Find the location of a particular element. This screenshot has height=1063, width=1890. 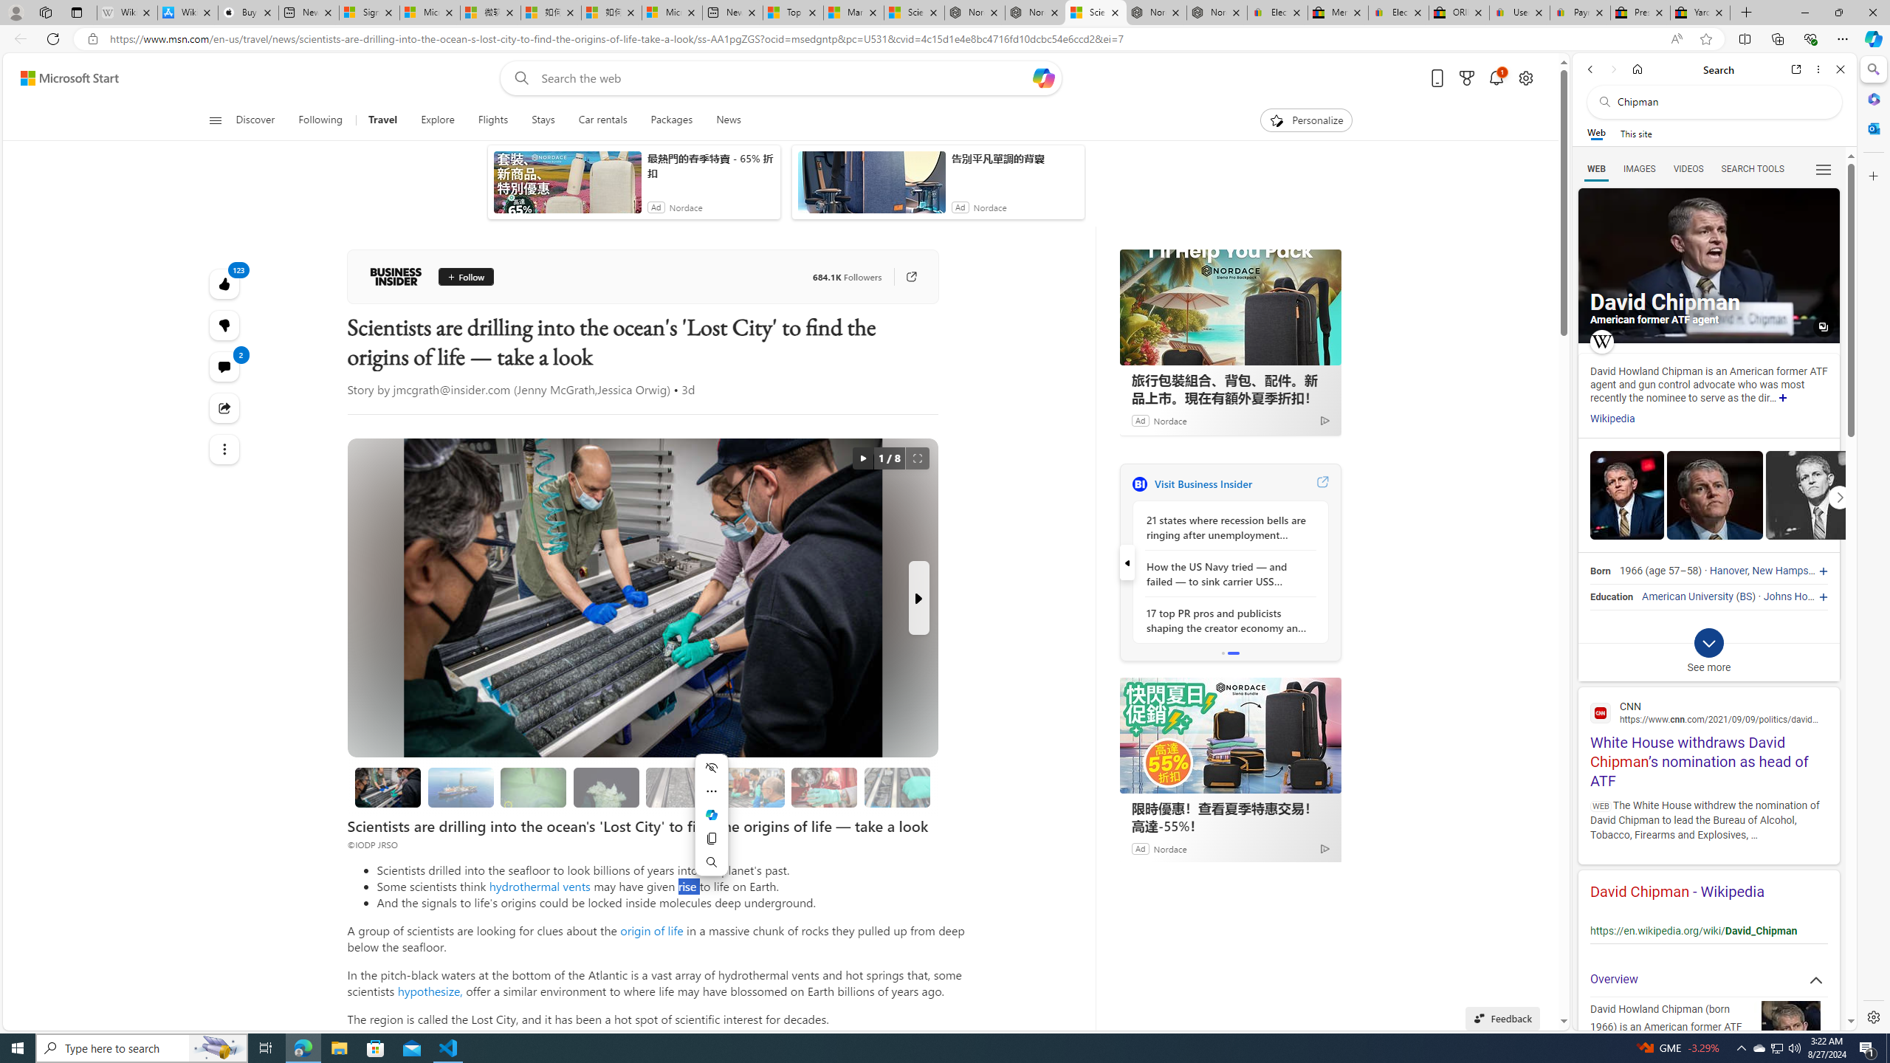

'Looking for evidence of oxygen-free life' is located at coordinates (752, 787).